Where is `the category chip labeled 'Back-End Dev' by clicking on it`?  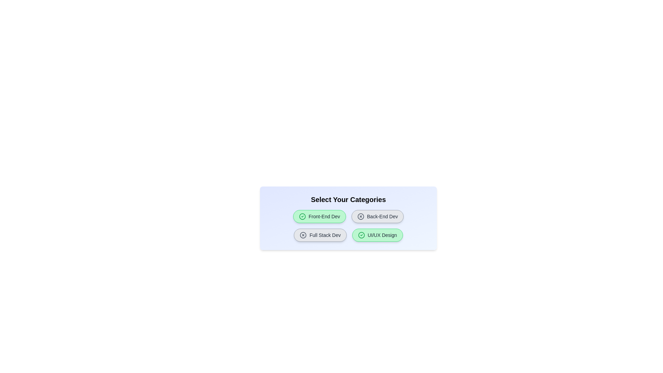
the category chip labeled 'Back-End Dev' by clicking on it is located at coordinates (377, 216).